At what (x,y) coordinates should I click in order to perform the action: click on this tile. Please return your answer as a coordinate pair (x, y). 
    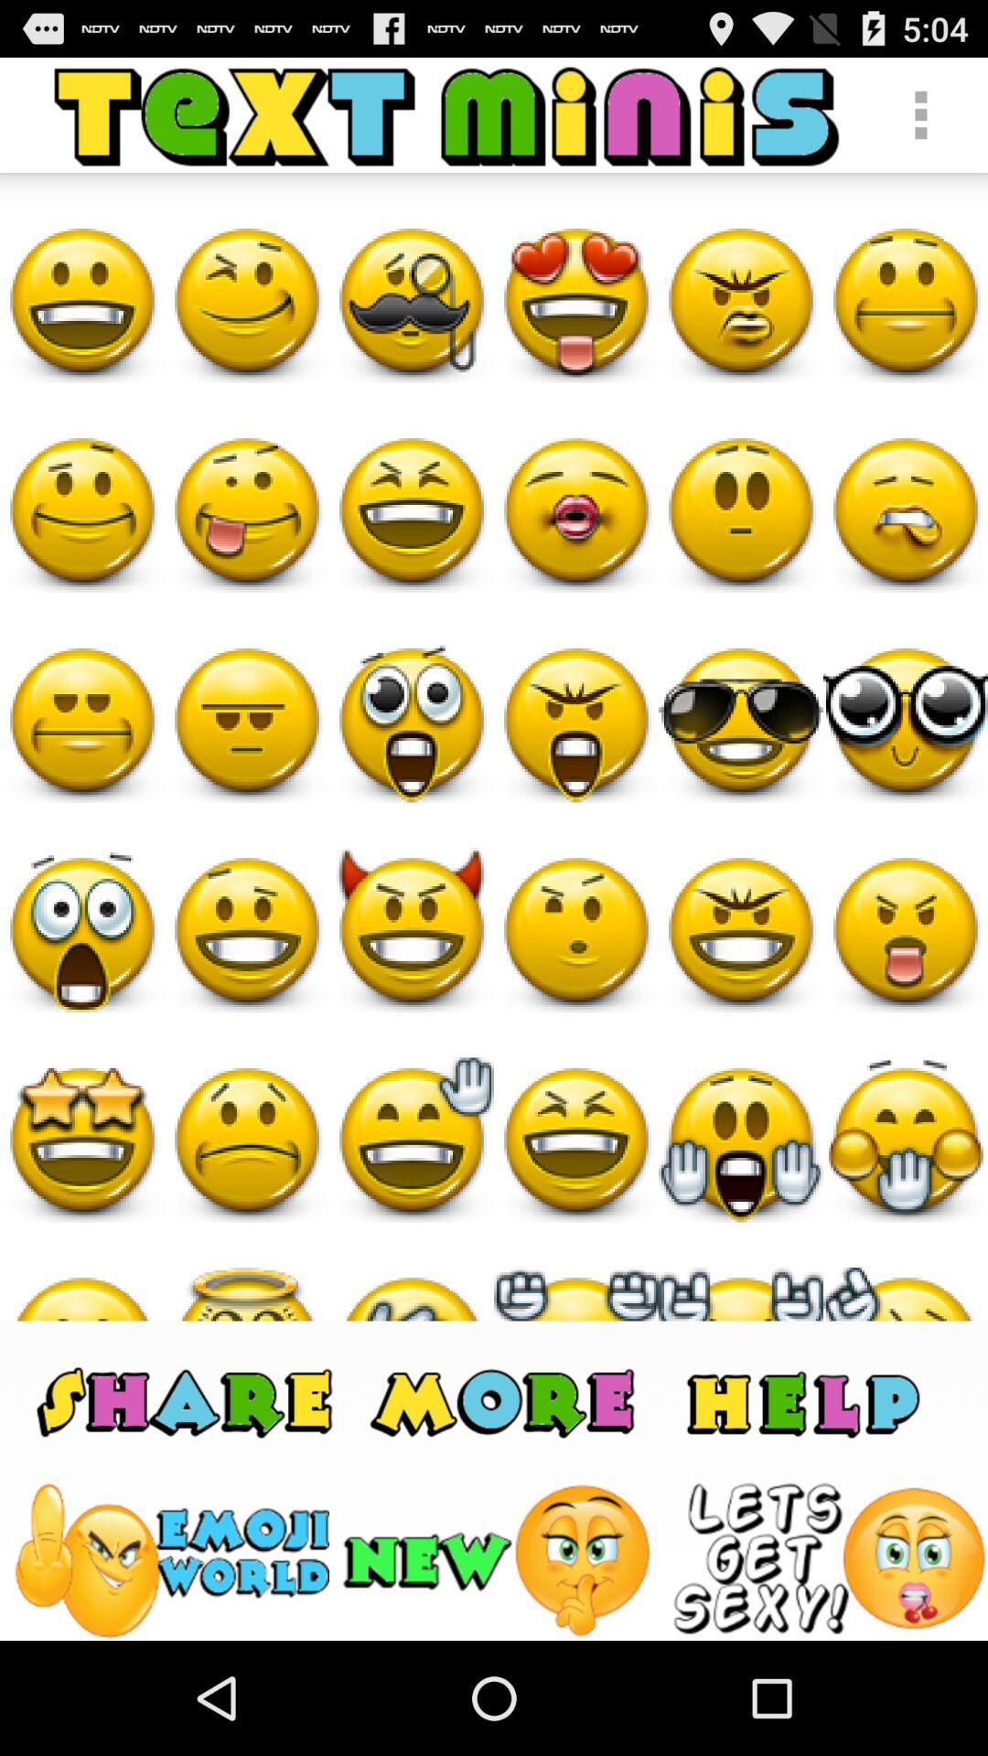
    Looking at the image, I should click on (170, 1559).